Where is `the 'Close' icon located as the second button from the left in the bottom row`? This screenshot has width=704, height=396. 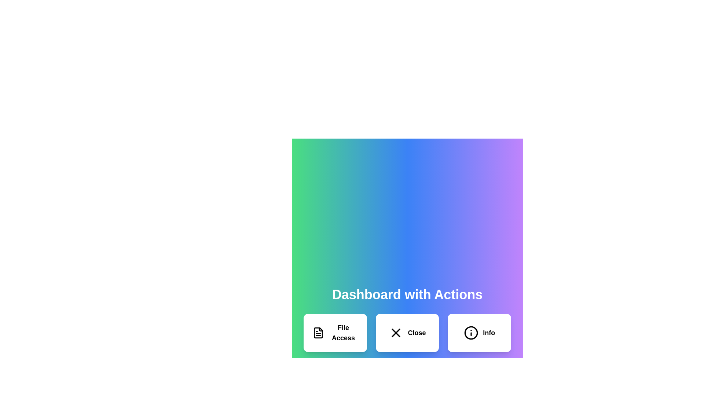
the 'Close' icon located as the second button from the left in the bottom row is located at coordinates (396, 333).